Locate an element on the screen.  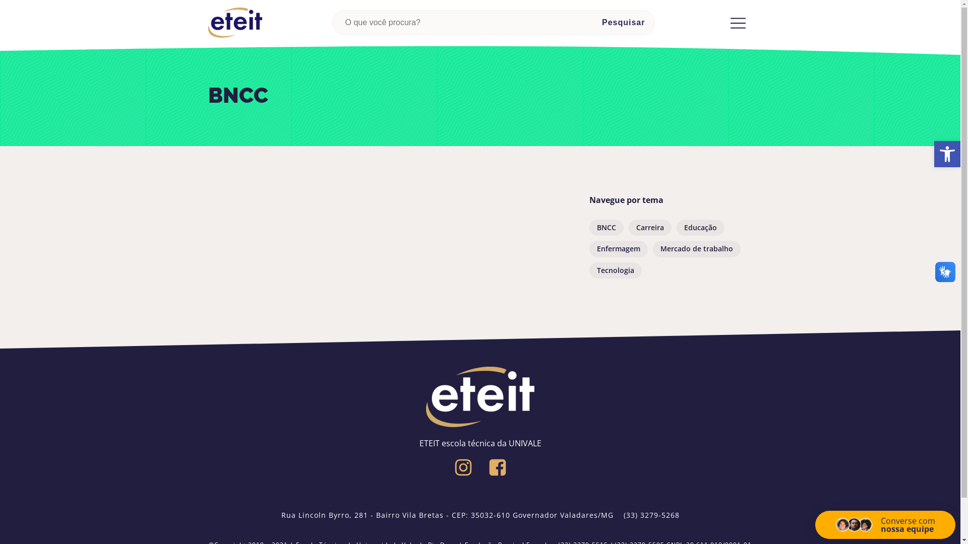
'Barra de Ferramentas Aberta is located at coordinates (946, 154).